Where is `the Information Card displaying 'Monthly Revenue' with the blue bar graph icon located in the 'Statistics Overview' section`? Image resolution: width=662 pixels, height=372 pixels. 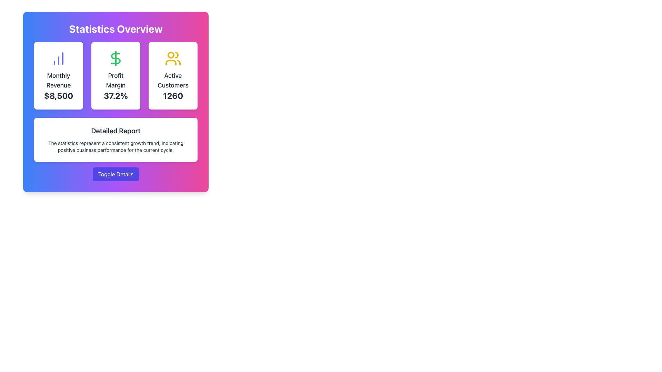
the Information Card displaying 'Monthly Revenue' with the blue bar graph icon located in the 'Statistics Overview' section is located at coordinates (58, 75).